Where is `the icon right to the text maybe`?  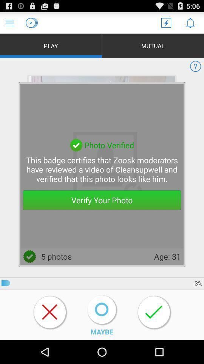
the icon right to the text maybe is located at coordinates (154, 312).